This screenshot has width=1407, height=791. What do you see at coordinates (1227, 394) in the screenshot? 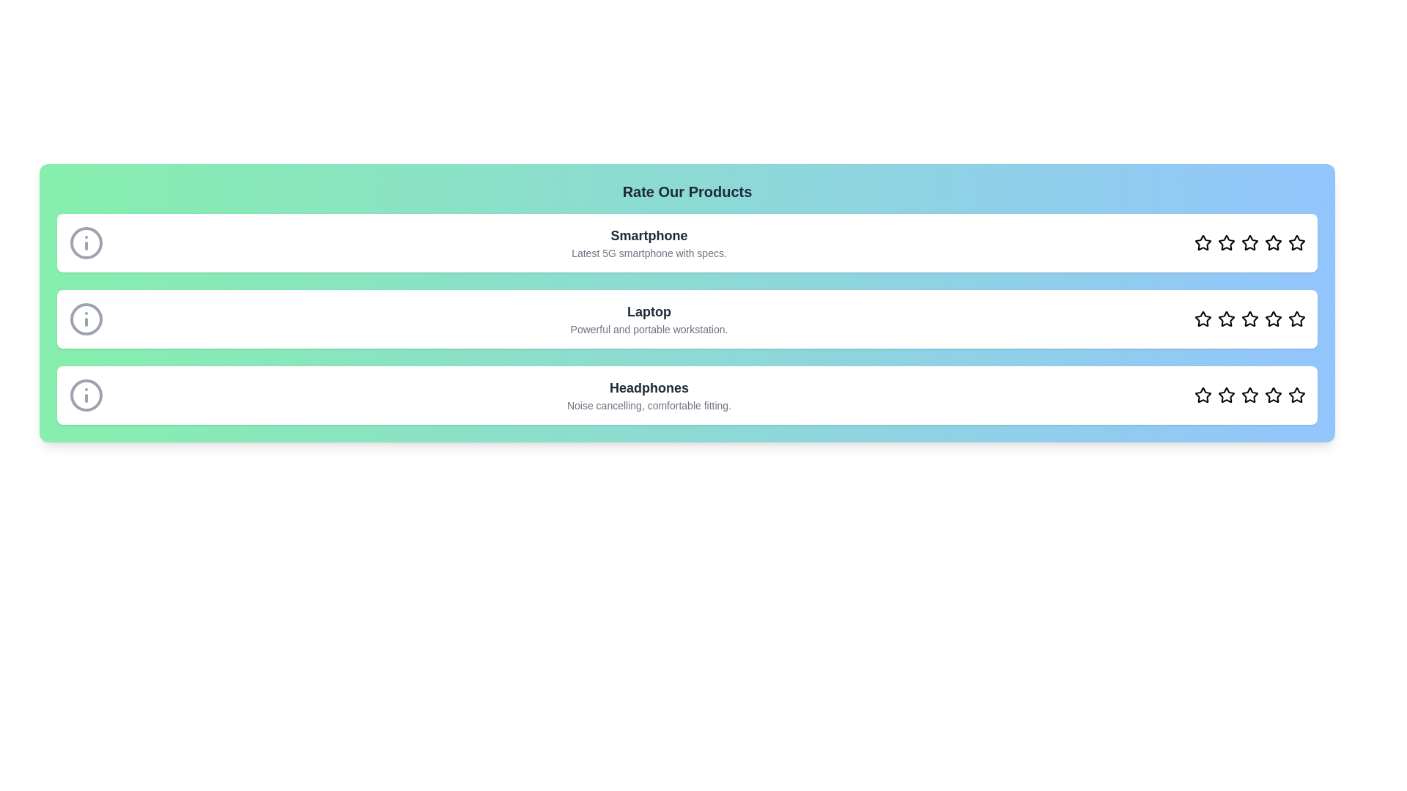
I see `the second star in the row of five rating stars in the 'Headphones' section` at bounding box center [1227, 394].